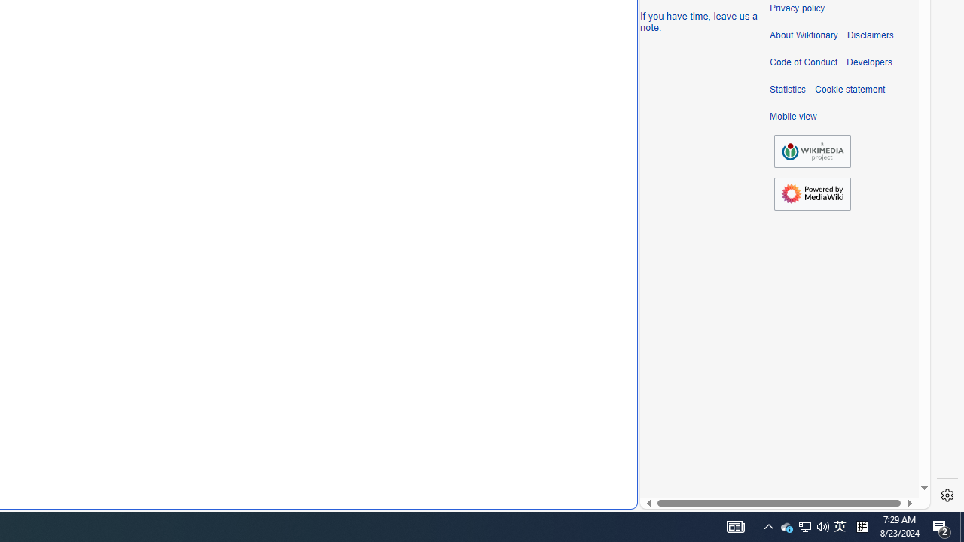 This screenshot has height=542, width=964. I want to click on 'Privacy policy', so click(796, 8).